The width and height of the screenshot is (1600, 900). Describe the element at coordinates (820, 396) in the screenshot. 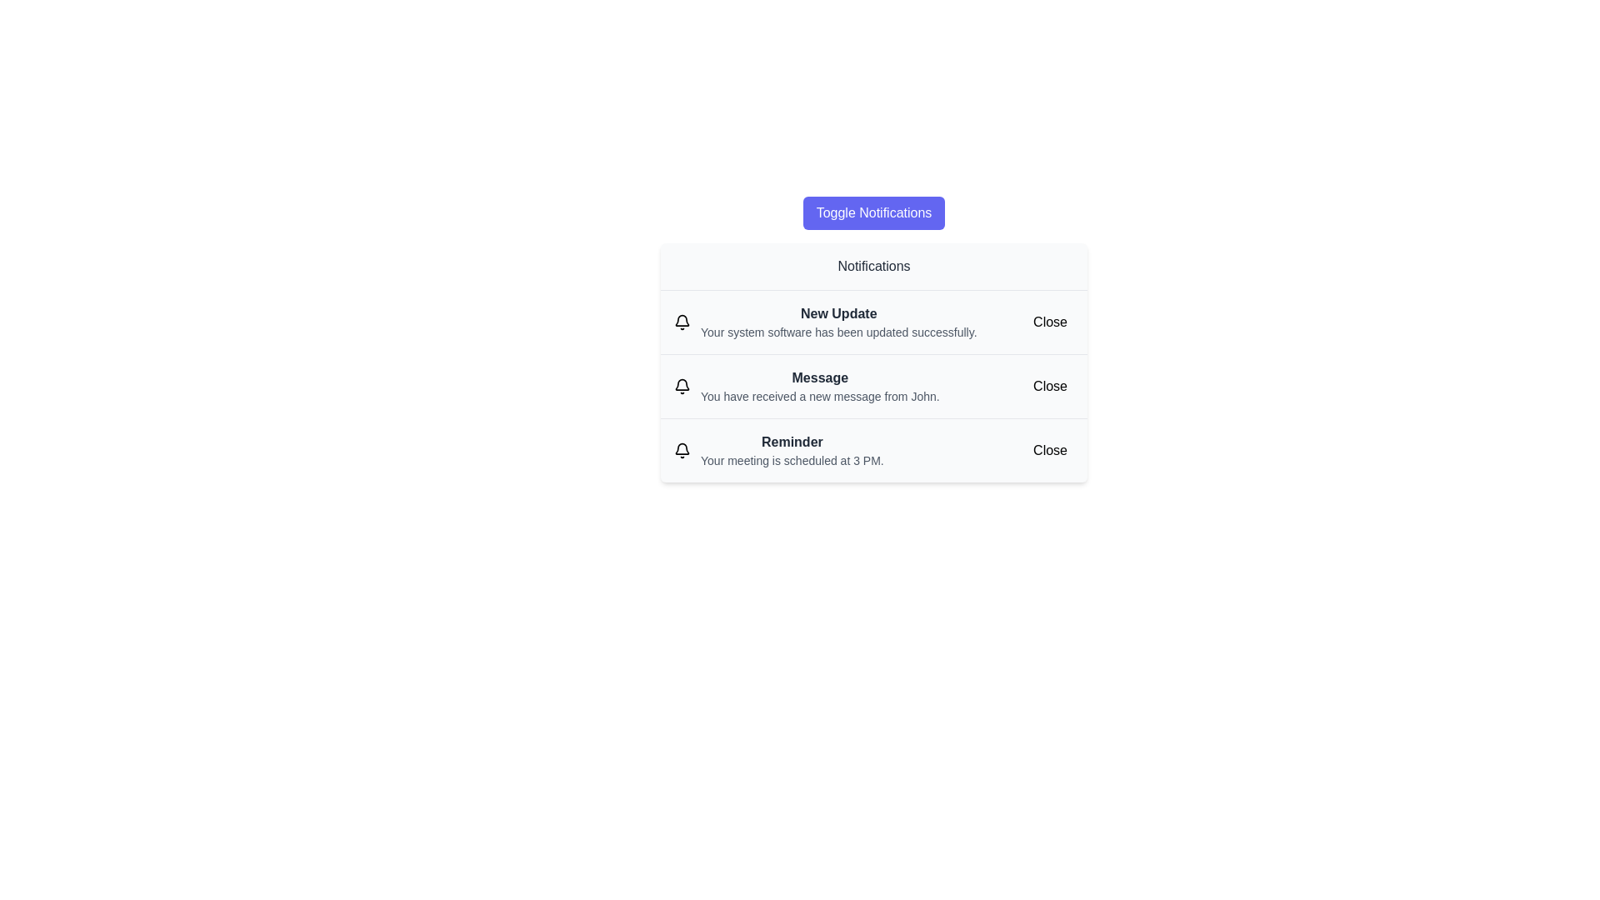

I see `the text label that displays a notification message about receiving a new message from 'John,' which is located below the 'Message' title in the notification card` at that location.